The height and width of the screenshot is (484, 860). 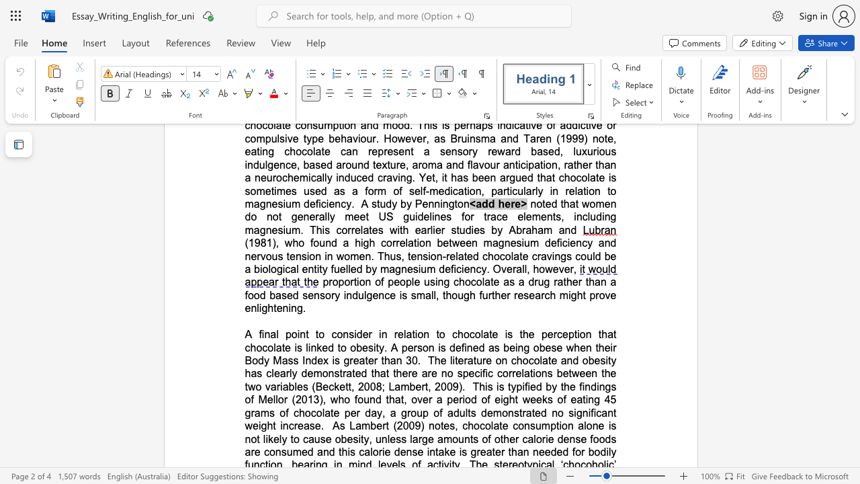 What do you see at coordinates (296, 333) in the screenshot?
I see `the subset text "in" within the text "A final point"` at bounding box center [296, 333].